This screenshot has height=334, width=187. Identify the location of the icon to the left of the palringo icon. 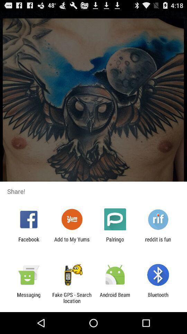
(71, 242).